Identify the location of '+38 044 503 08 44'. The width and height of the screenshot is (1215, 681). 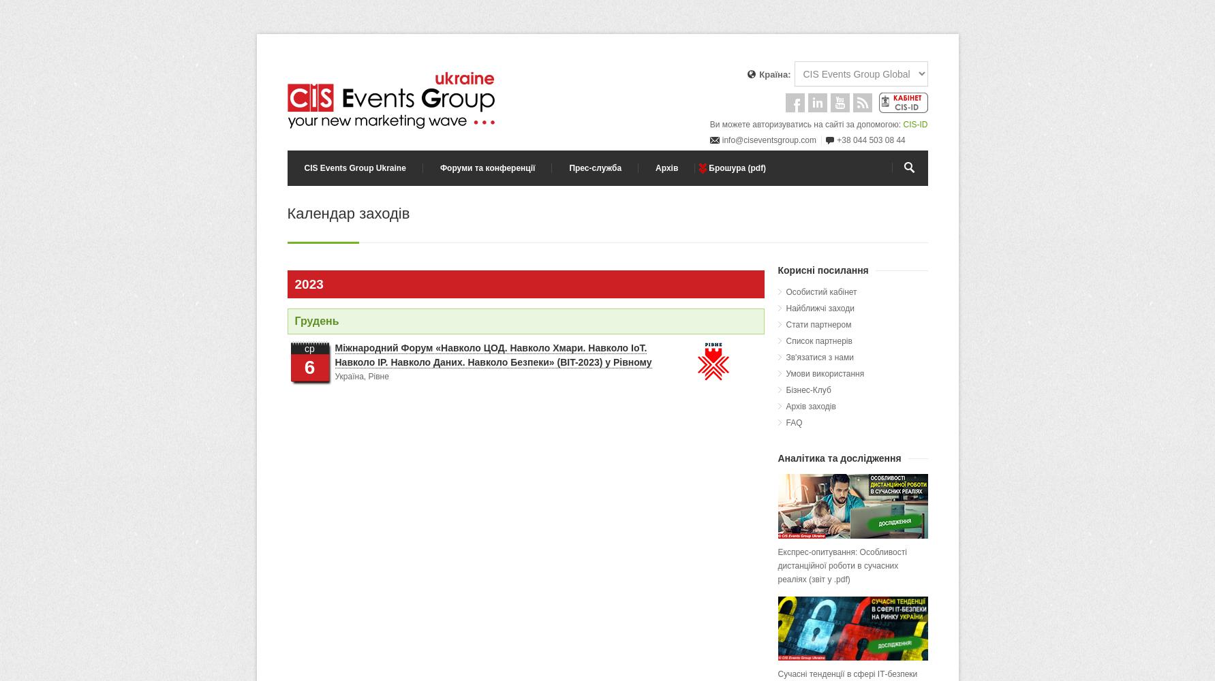
(871, 140).